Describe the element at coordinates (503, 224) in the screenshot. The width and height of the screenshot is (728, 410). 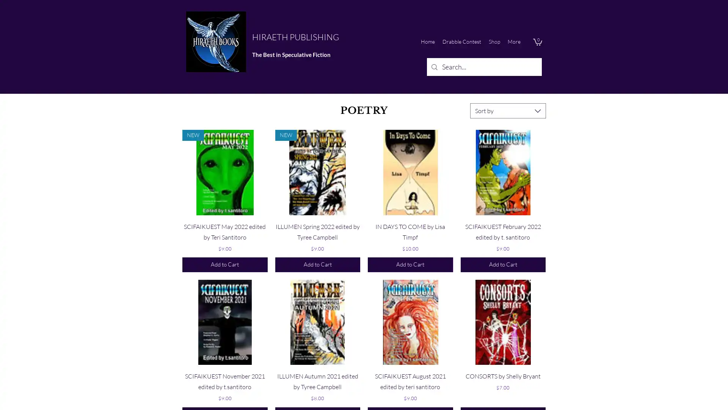
I see `Quick View` at that location.